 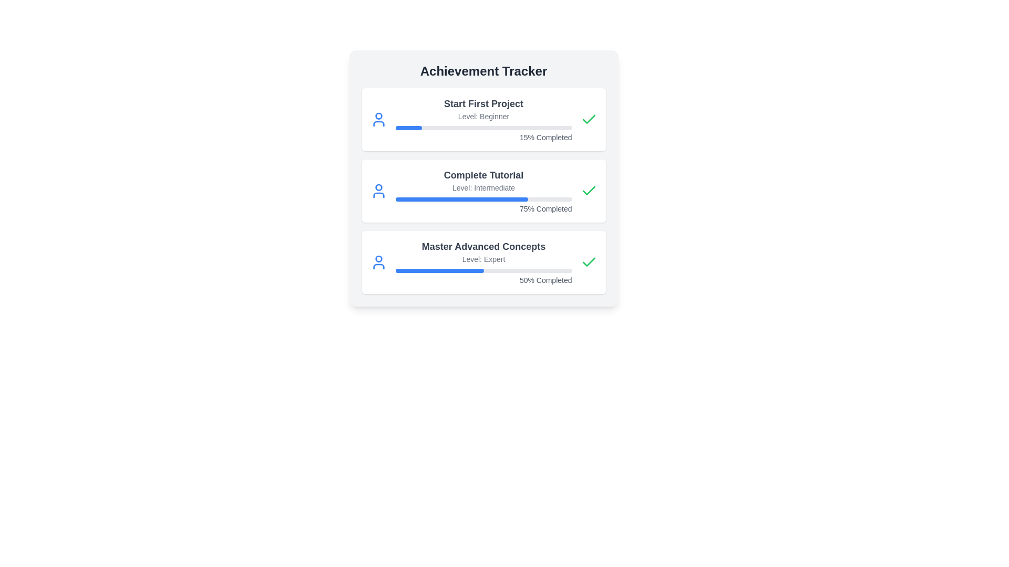 What do you see at coordinates (483, 71) in the screenshot?
I see `the 'Achievement Tracker' text label located at the top of the card layout to access related elements` at bounding box center [483, 71].